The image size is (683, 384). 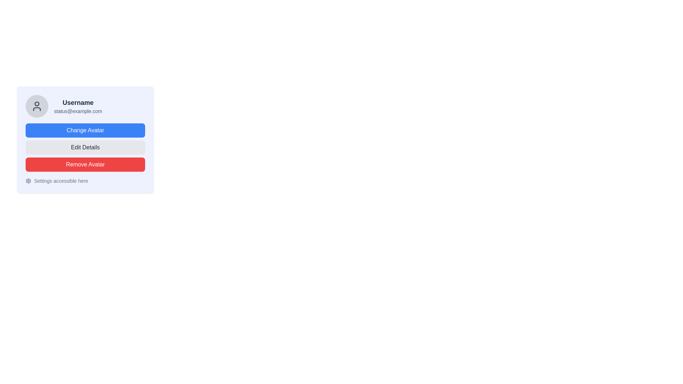 What do you see at coordinates (78, 103) in the screenshot?
I see `the username text label displayed at the top of the profile card, which serves as an identifier for the user` at bounding box center [78, 103].